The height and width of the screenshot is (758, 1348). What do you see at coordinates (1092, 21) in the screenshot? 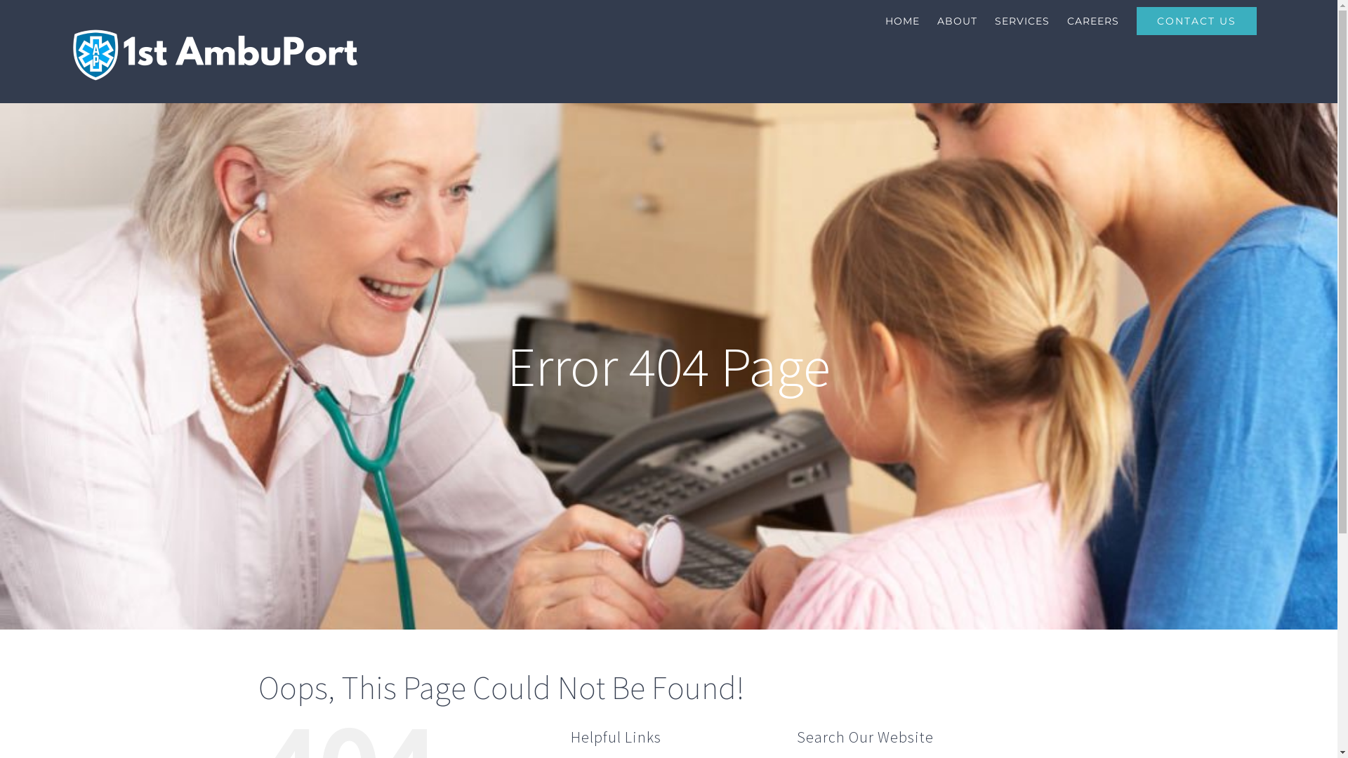
I see `'CAREERS'` at bounding box center [1092, 21].